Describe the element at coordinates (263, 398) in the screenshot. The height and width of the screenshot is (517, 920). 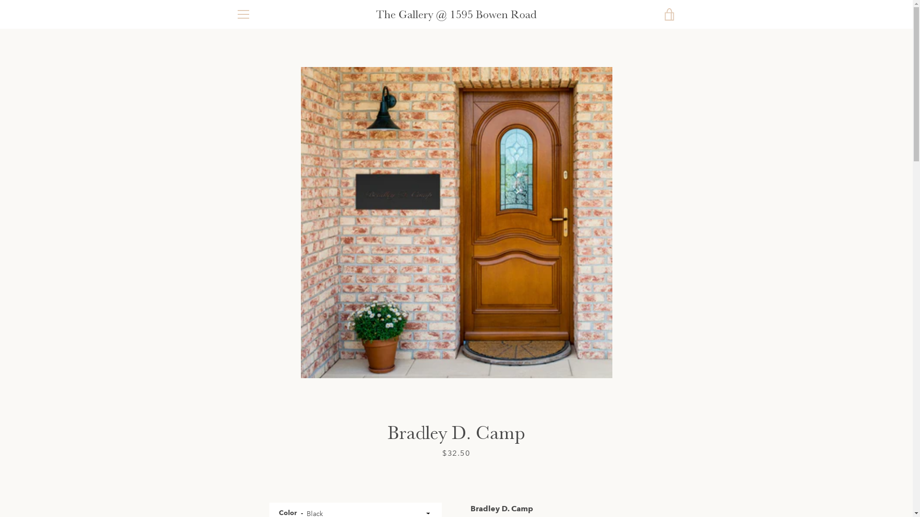
I see `'PRIVACY POLICY'` at that location.